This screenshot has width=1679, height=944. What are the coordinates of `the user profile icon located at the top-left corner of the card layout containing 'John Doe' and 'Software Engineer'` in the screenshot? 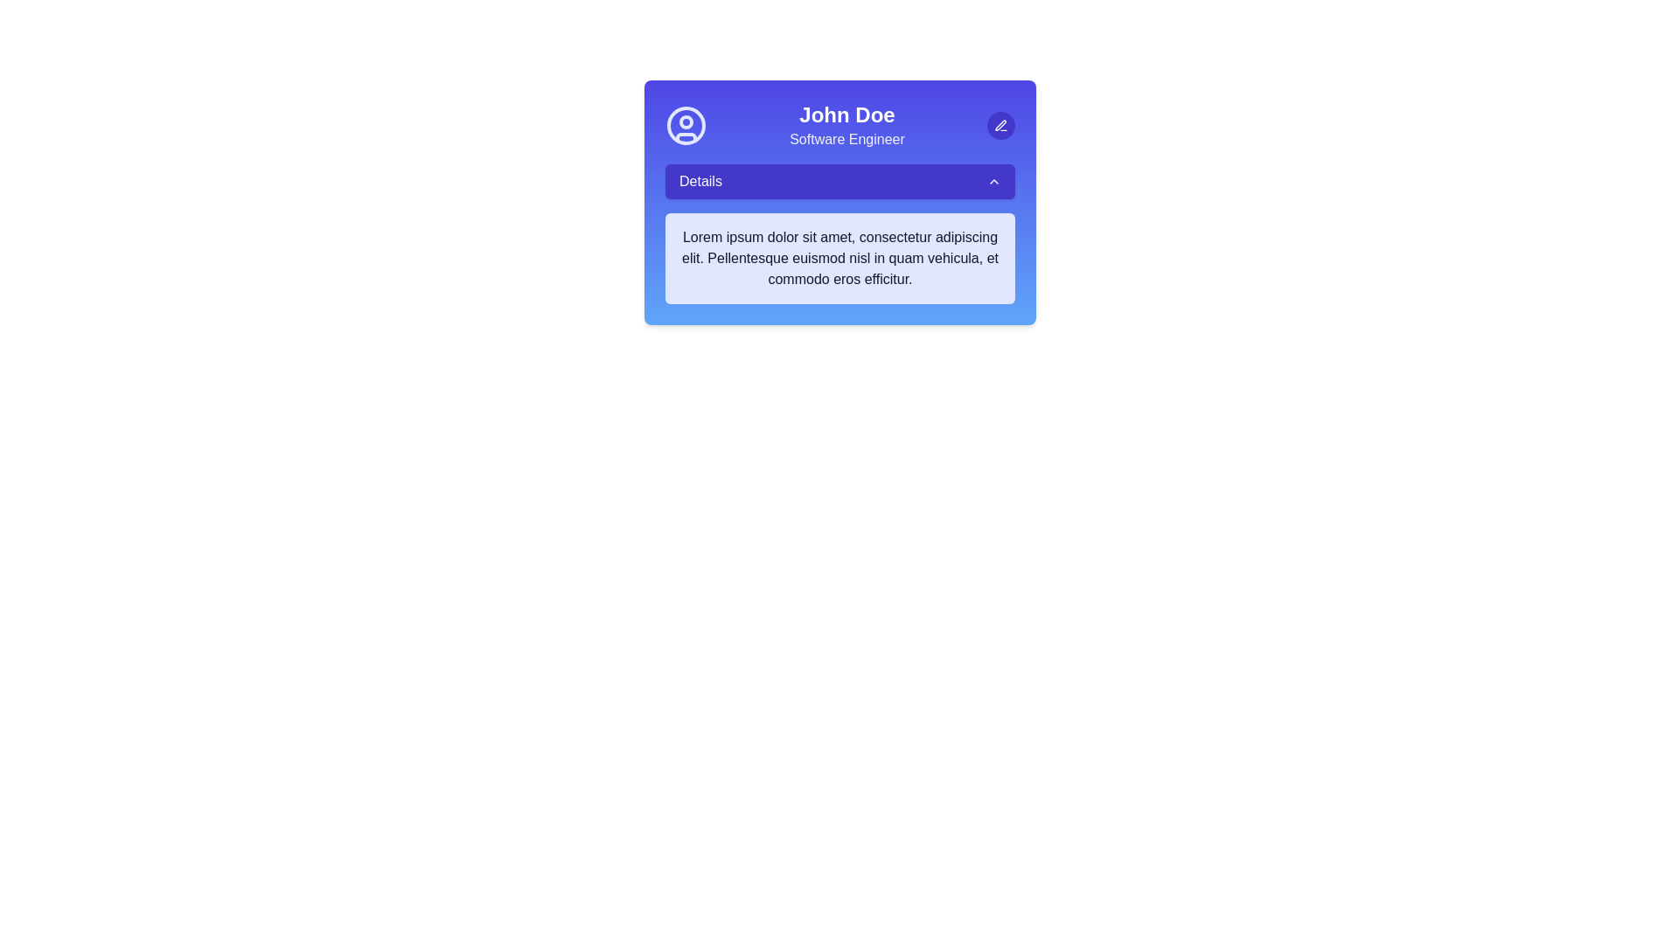 It's located at (686, 124).